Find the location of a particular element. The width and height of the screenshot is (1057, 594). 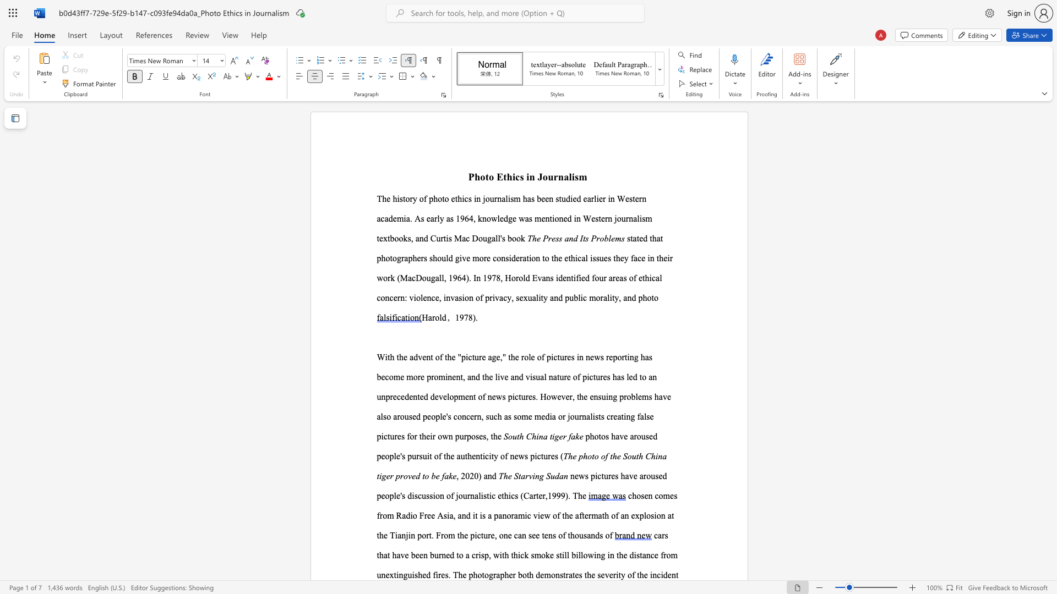

the subset text "y a" within the text "The history of photo ethics in journalism has been studied earlier in Western academia. As early as 1964, knowledge was mentioned in Western journalism textbooks, and Curtis Mac Dougall" is located at coordinates (439, 218).